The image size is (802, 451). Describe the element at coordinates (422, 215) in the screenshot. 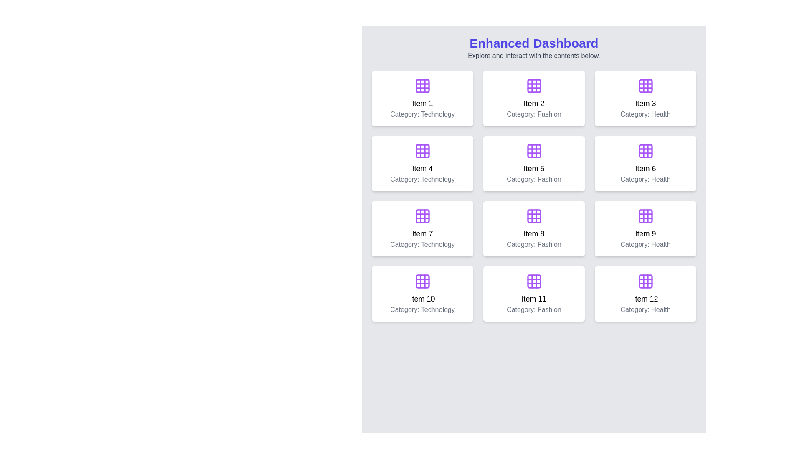

I see `the top-left cell of the 3x3 grid represented by a rounded rectangle within the SVG icon labeled 'Item 7' in the category 'Technology'` at that location.